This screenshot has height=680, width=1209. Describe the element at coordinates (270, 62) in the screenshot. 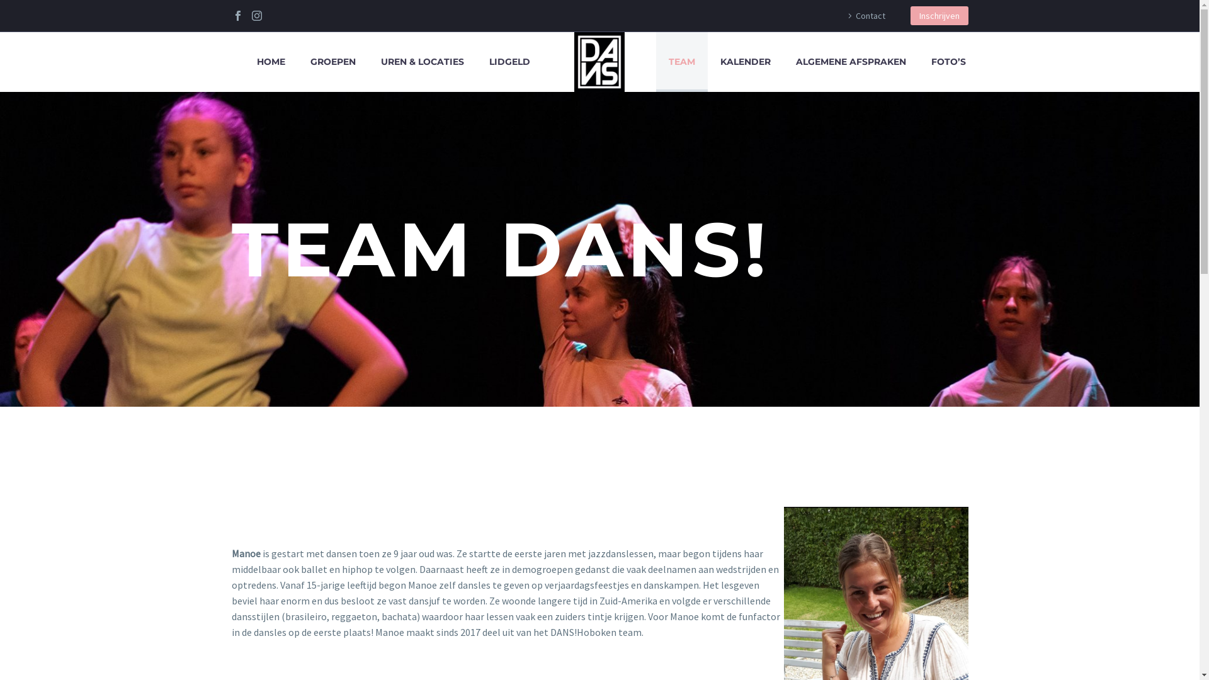

I see `'HOME'` at that location.